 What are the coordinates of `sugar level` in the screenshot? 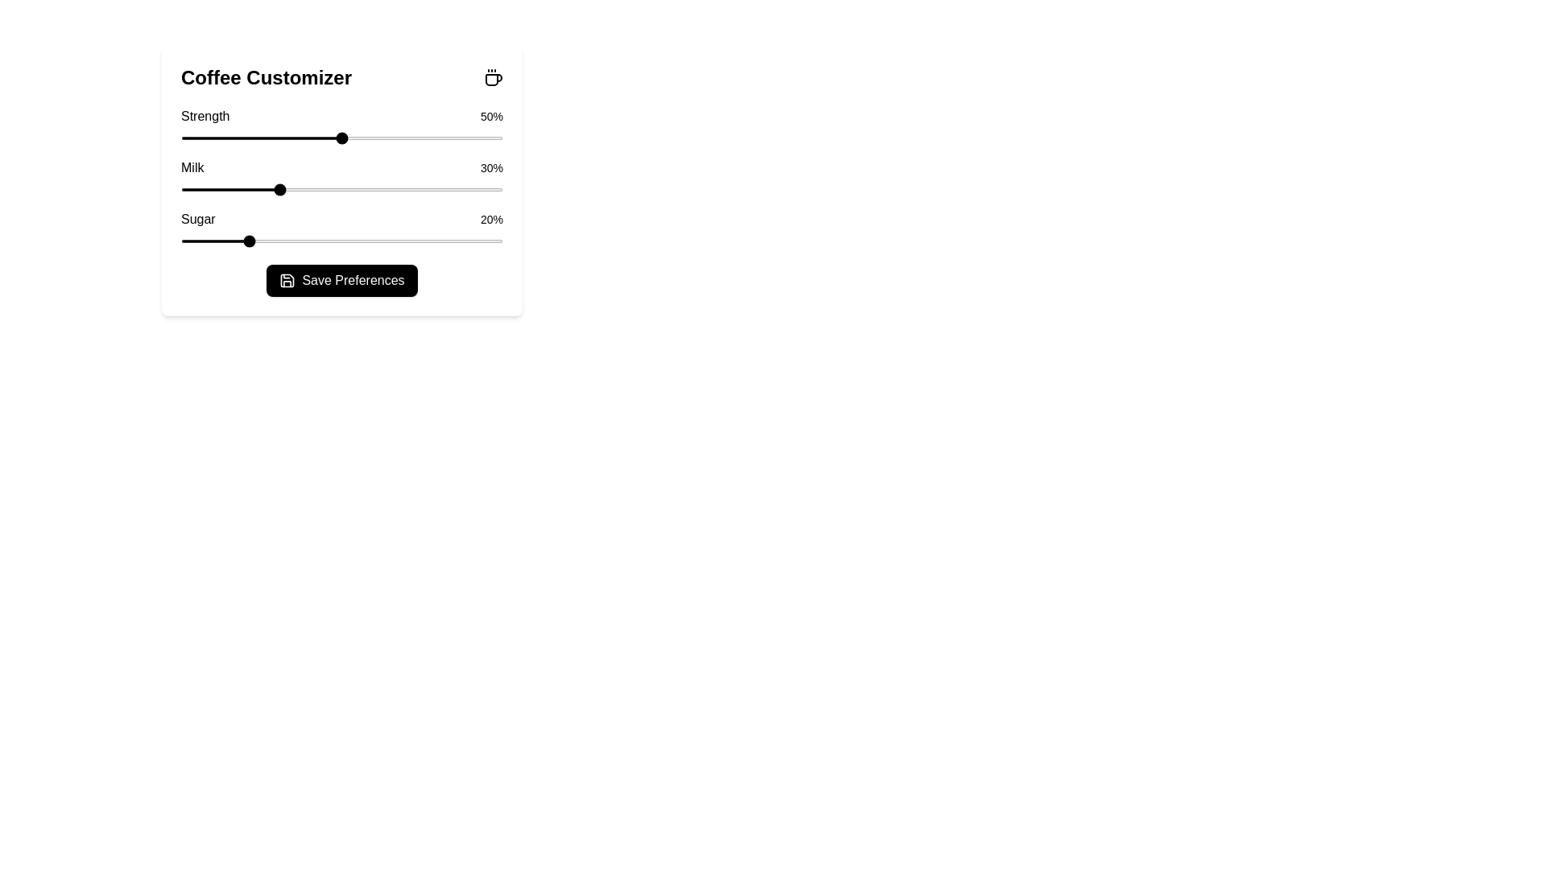 It's located at (238, 241).